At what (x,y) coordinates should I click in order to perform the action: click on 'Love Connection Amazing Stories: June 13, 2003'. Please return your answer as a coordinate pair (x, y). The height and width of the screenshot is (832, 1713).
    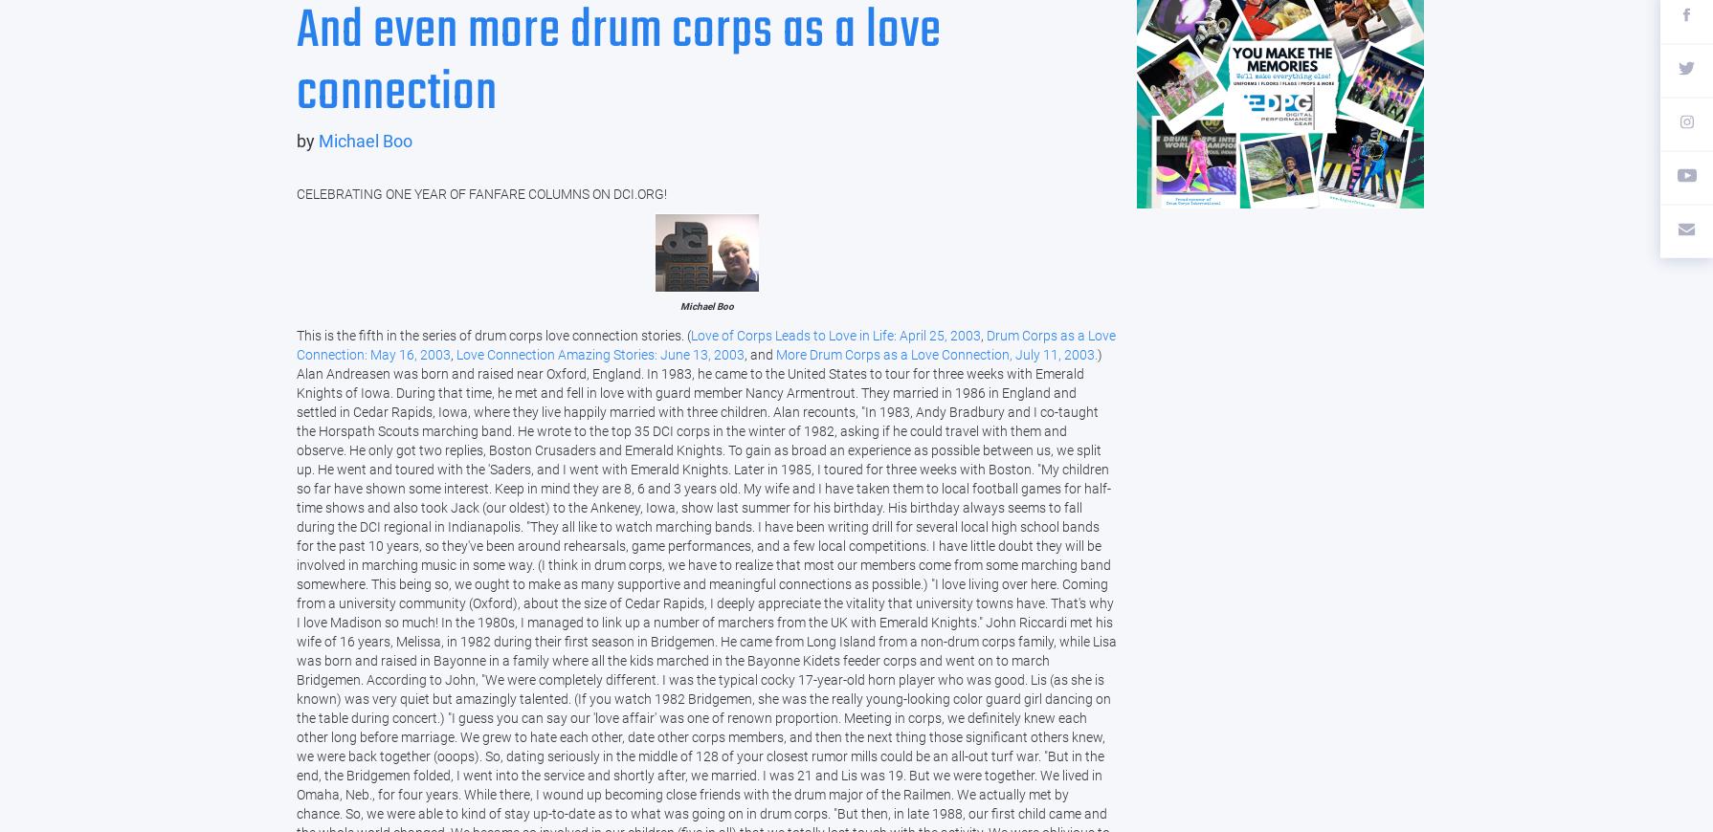
    Looking at the image, I should click on (599, 354).